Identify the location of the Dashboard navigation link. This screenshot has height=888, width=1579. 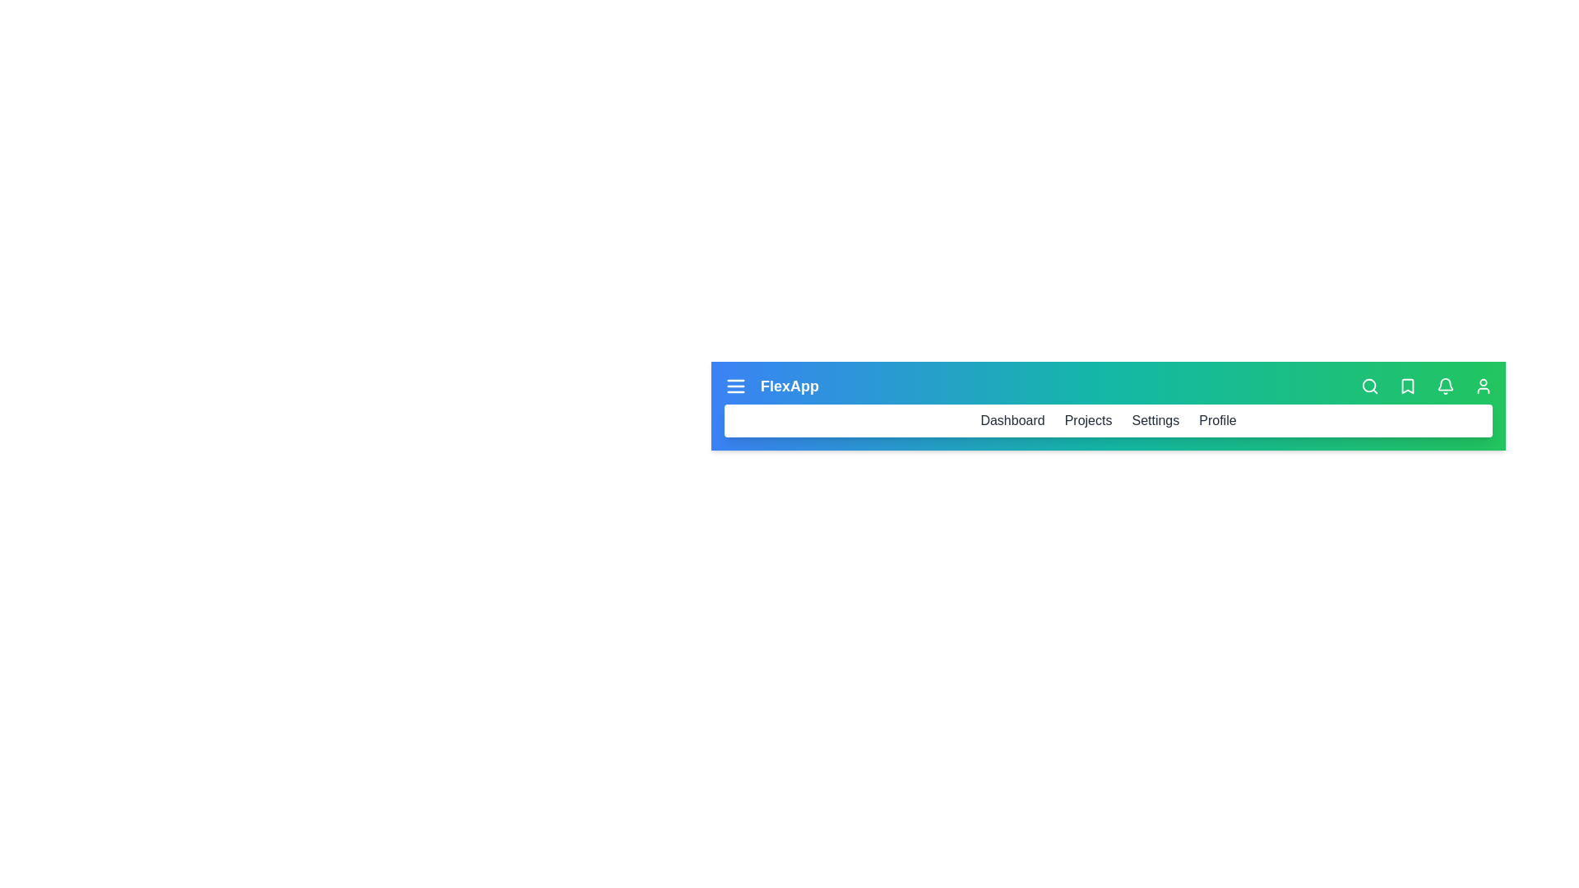
(1011, 420).